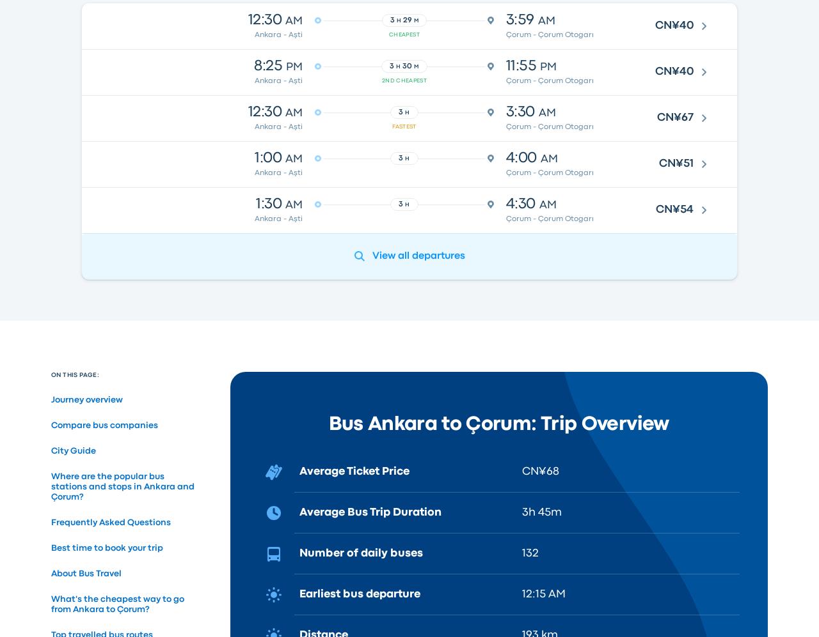  Describe the element at coordinates (353, 471) in the screenshot. I see `'Average Ticket Price'` at that location.